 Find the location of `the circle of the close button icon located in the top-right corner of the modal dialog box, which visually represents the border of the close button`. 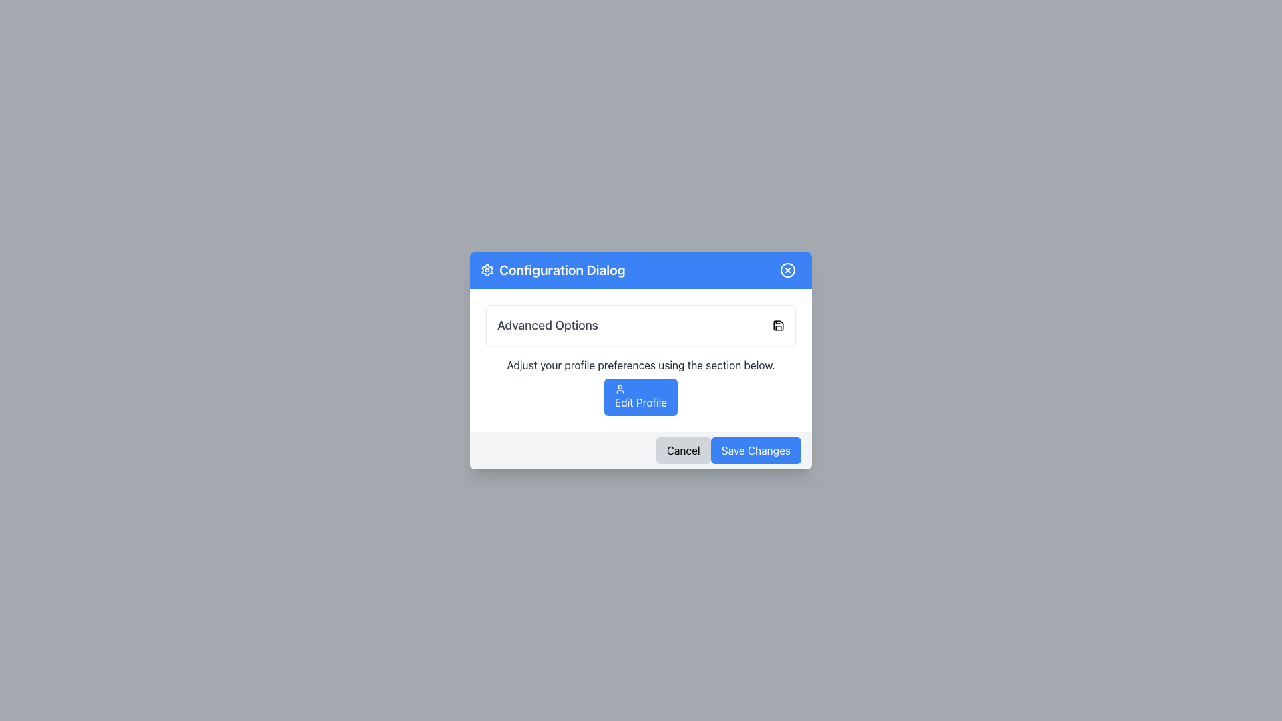

the circle of the close button icon located in the top-right corner of the modal dialog box, which visually represents the border of the close button is located at coordinates (788, 270).